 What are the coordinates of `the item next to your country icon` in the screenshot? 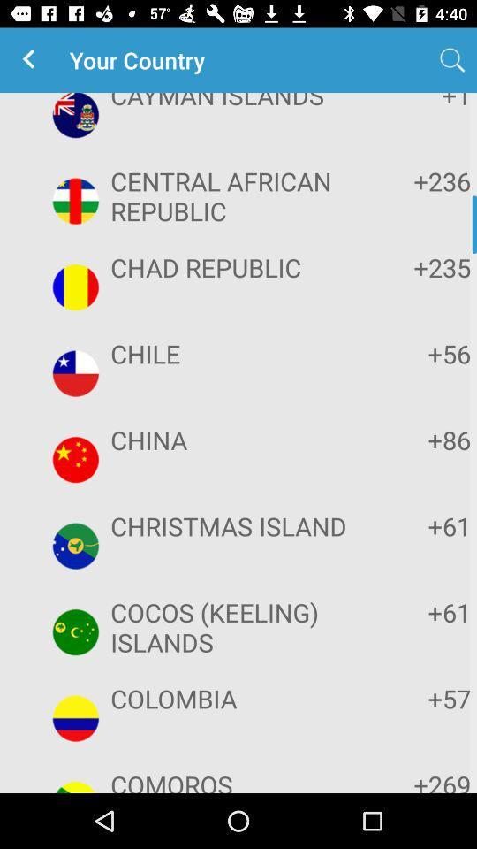 It's located at (32, 60).